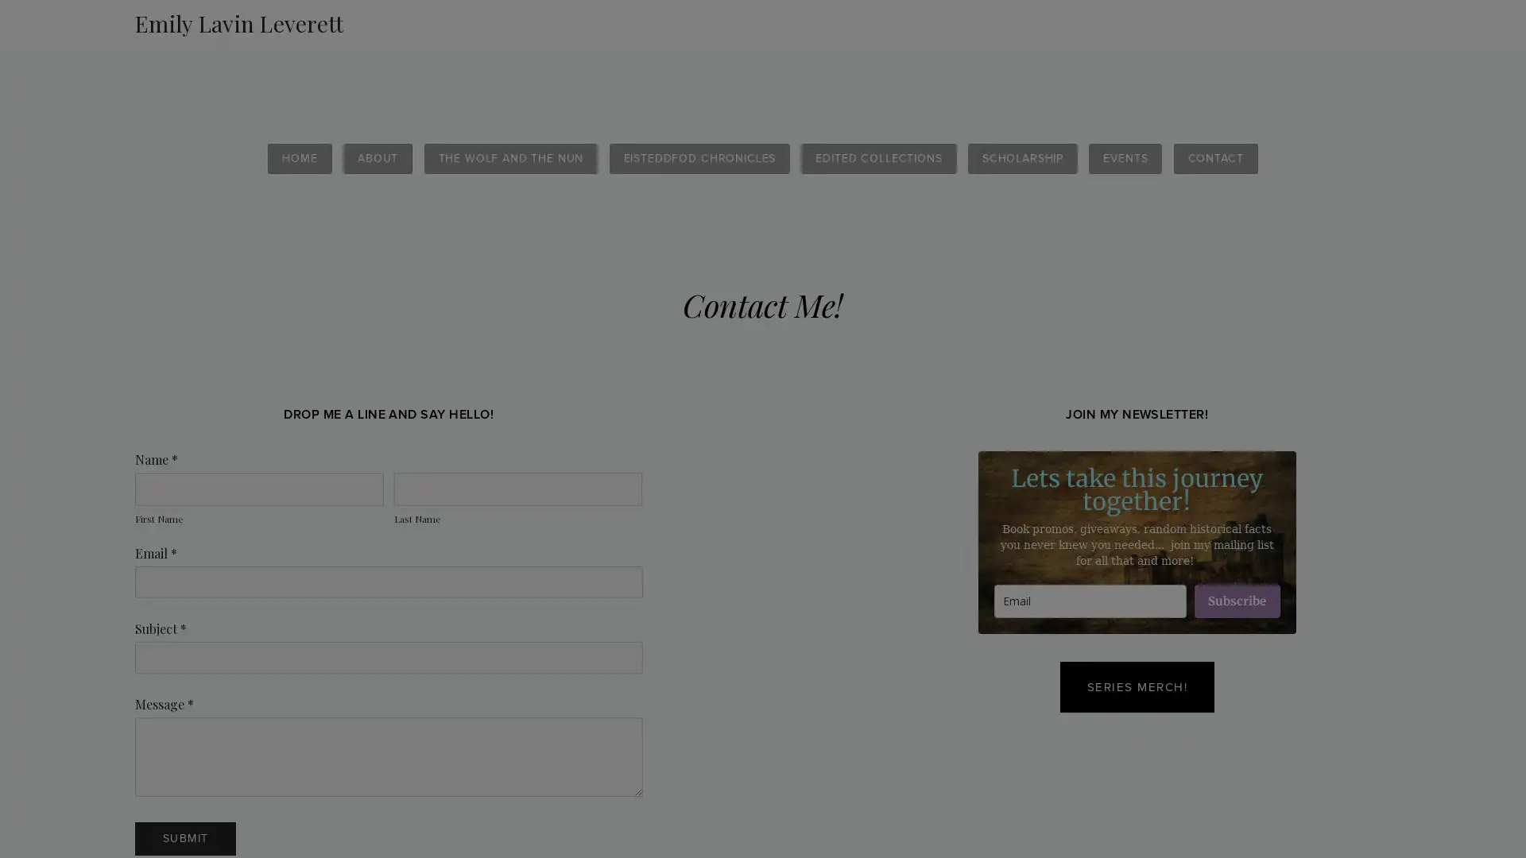 This screenshot has height=858, width=1526. What do you see at coordinates (185, 838) in the screenshot?
I see `Submit` at bounding box center [185, 838].